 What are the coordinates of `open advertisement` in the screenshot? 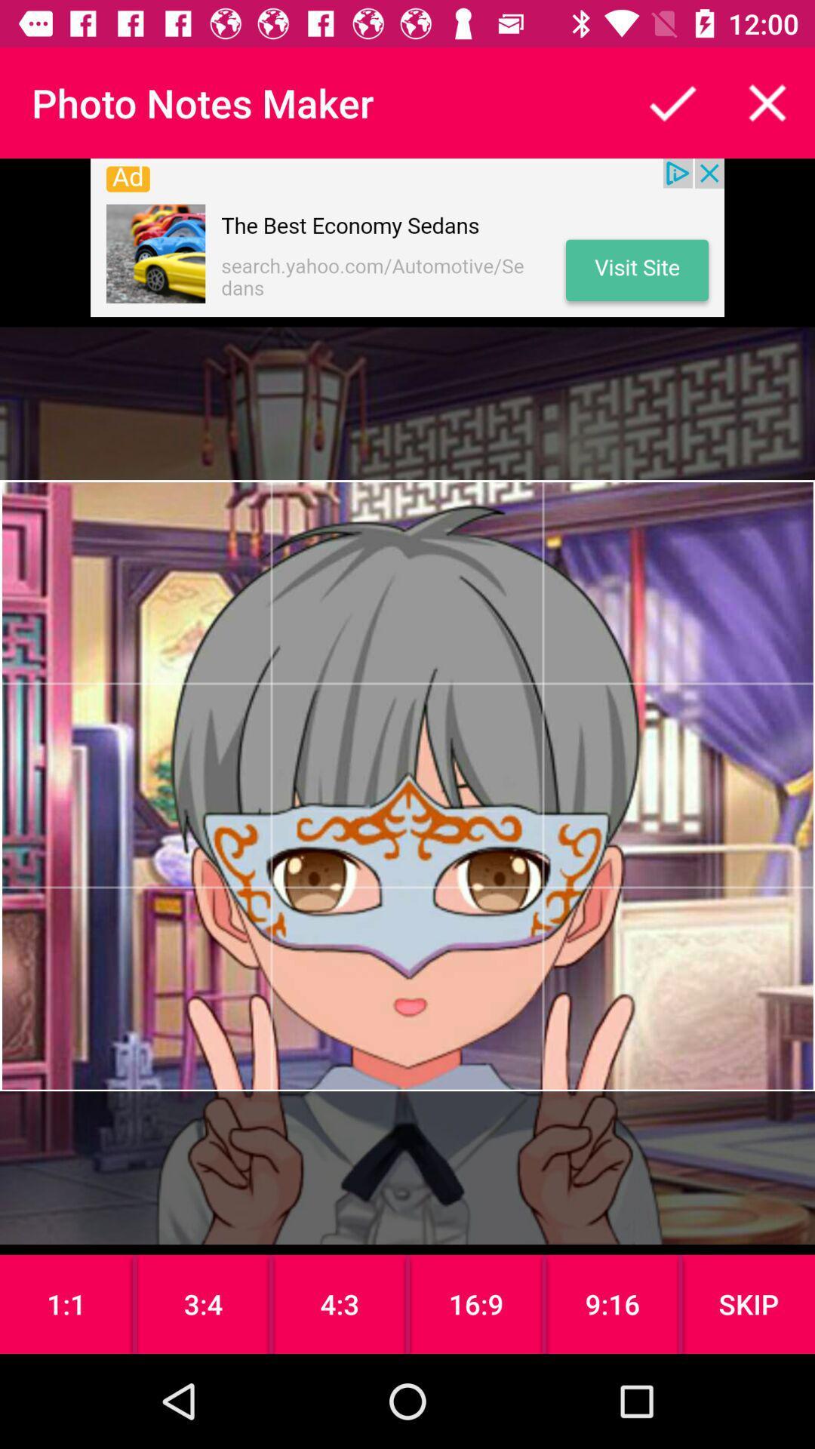 It's located at (407, 237).